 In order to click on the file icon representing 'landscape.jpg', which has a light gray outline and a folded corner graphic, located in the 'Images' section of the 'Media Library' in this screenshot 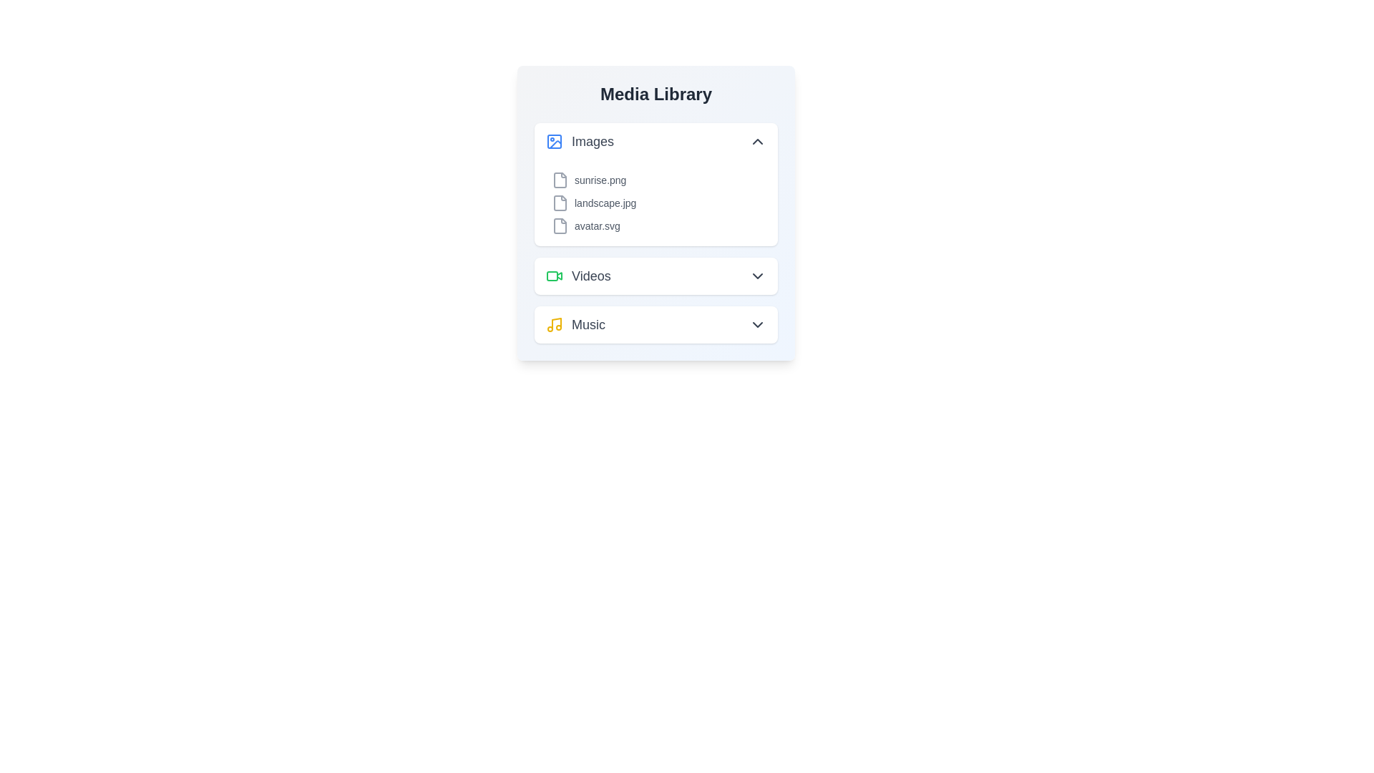, I will do `click(559, 203)`.